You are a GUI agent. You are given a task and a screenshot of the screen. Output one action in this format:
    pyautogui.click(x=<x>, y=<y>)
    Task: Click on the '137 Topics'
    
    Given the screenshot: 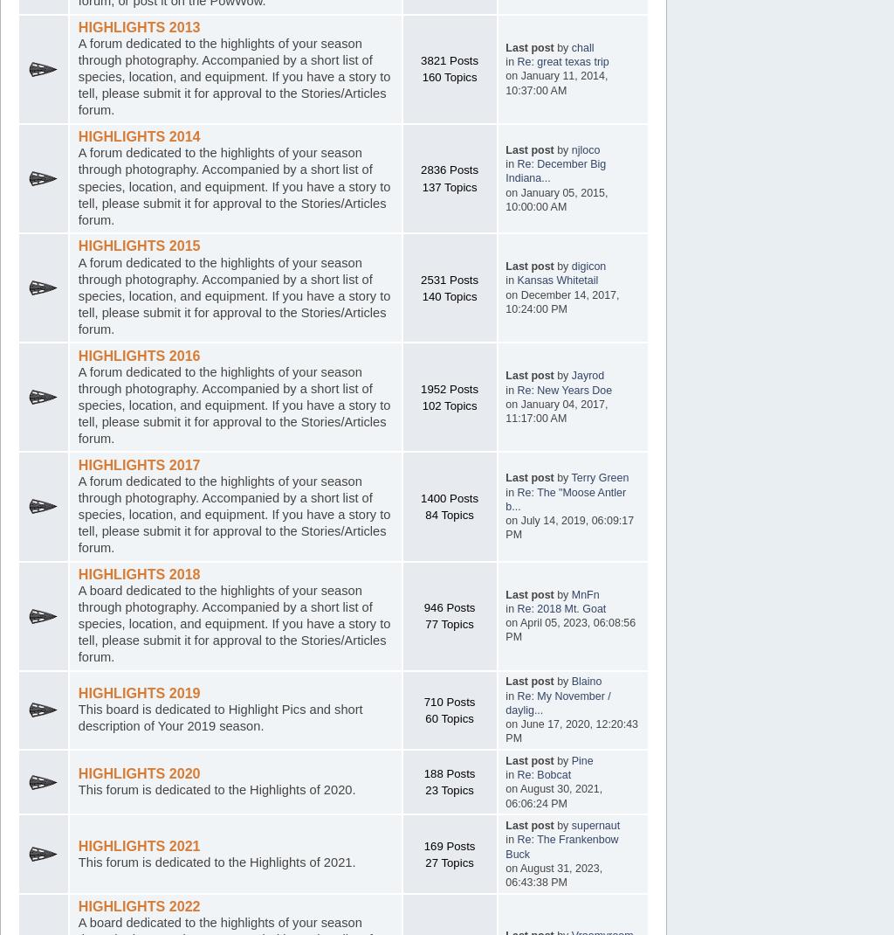 What is the action you would take?
    pyautogui.click(x=449, y=185)
    